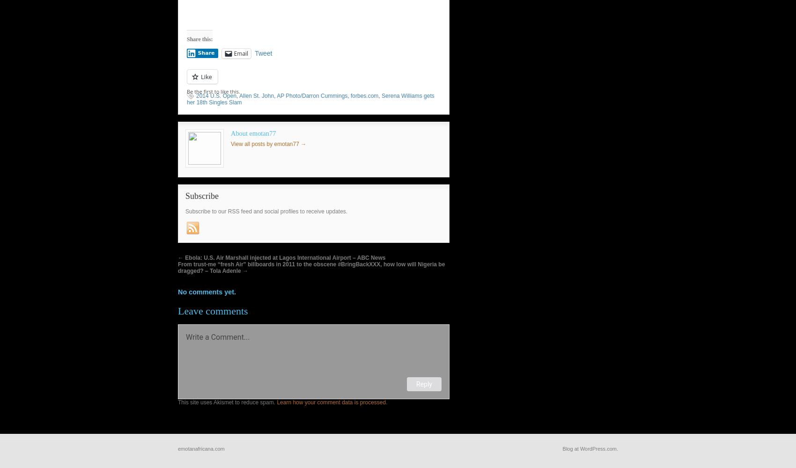 This screenshot has height=468, width=796. I want to click on 'Tweet', so click(263, 52).